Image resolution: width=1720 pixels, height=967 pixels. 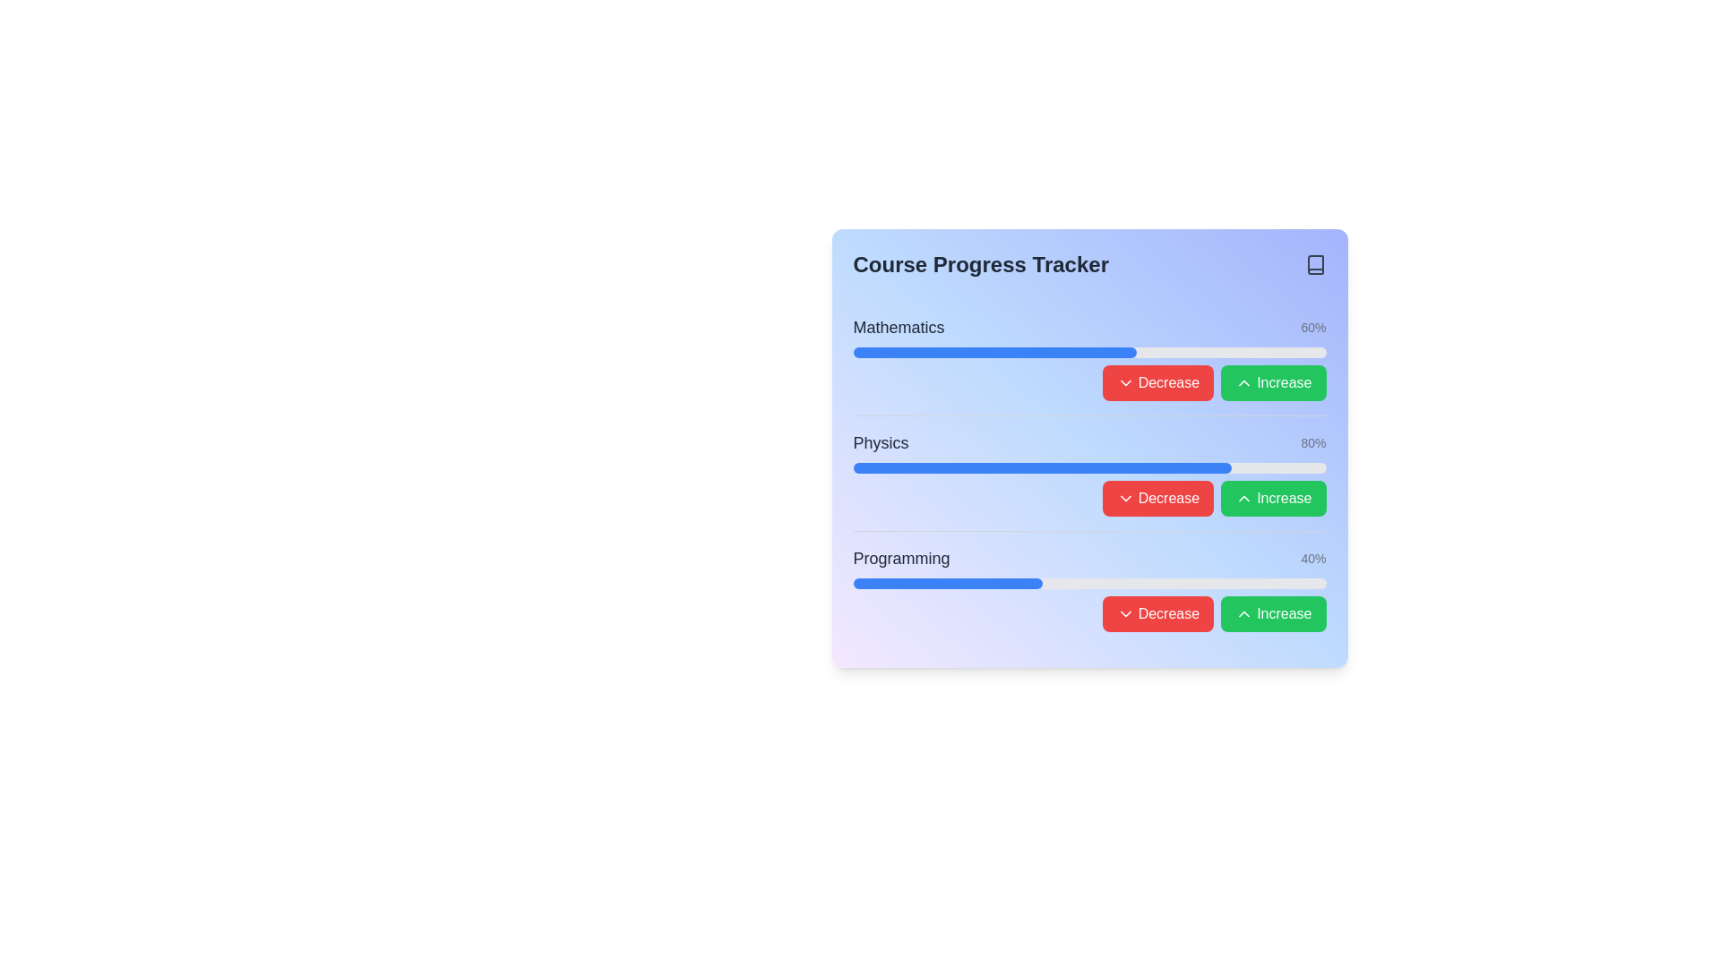 What do you see at coordinates (1271, 498) in the screenshot?
I see `the green 'Increase' button with white text and an upward-pointing chevron icon` at bounding box center [1271, 498].